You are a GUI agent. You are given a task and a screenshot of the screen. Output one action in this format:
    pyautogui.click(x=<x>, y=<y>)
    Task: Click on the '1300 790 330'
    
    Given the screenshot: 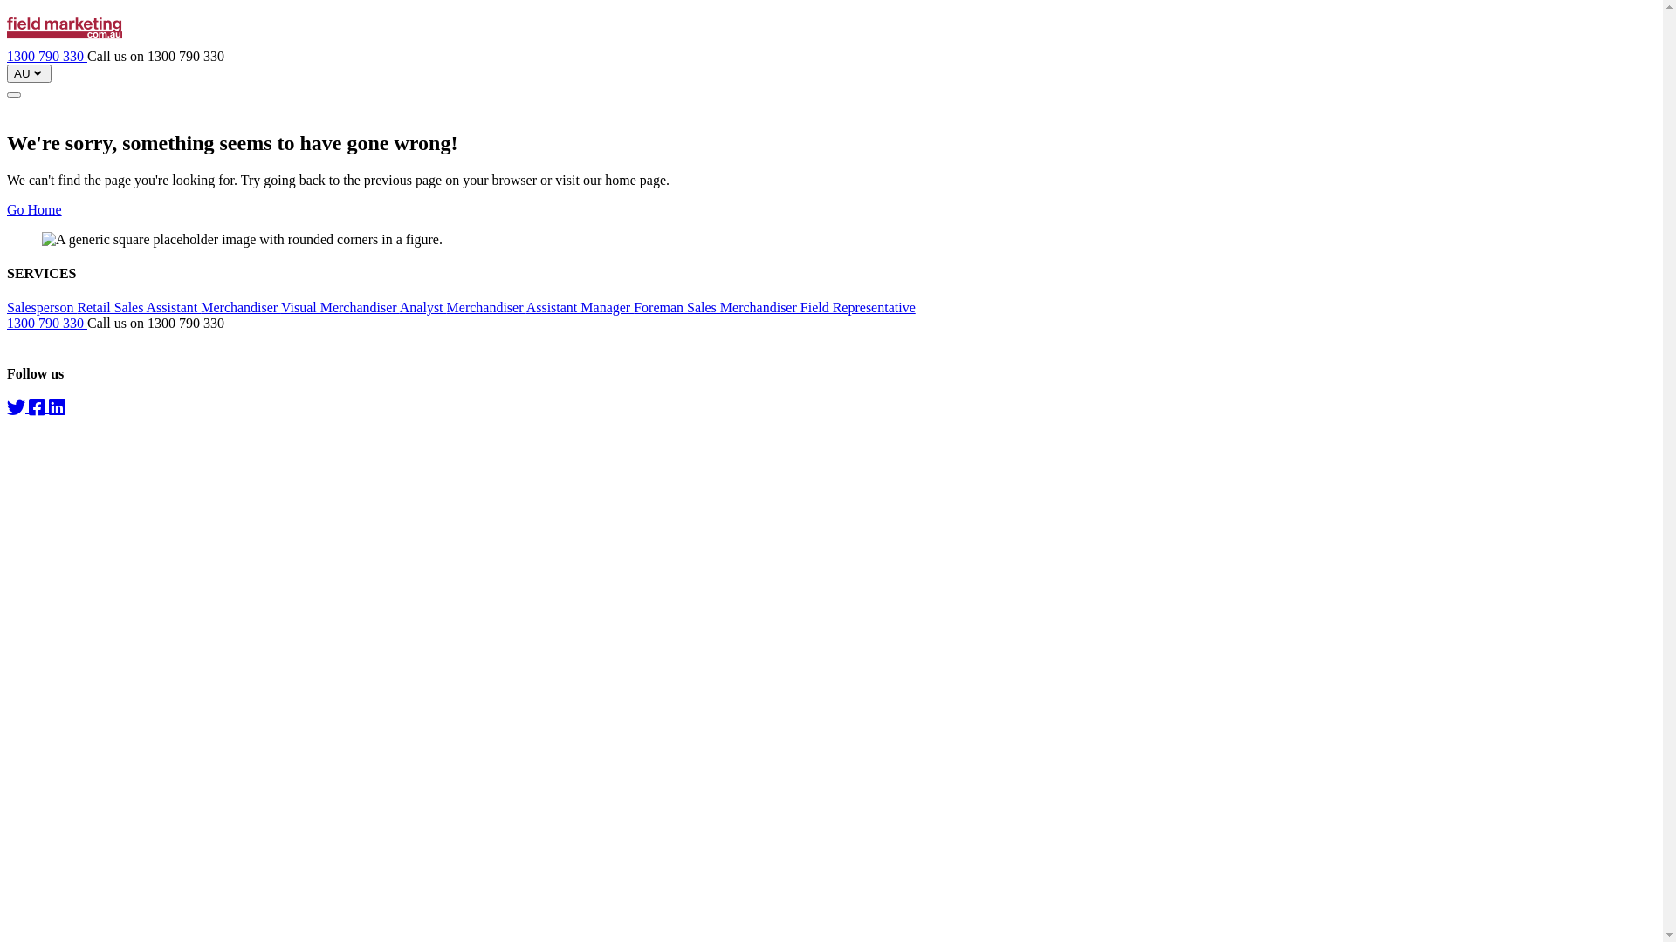 What is the action you would take?
    pyautogui.click(x=46, y=55)
    